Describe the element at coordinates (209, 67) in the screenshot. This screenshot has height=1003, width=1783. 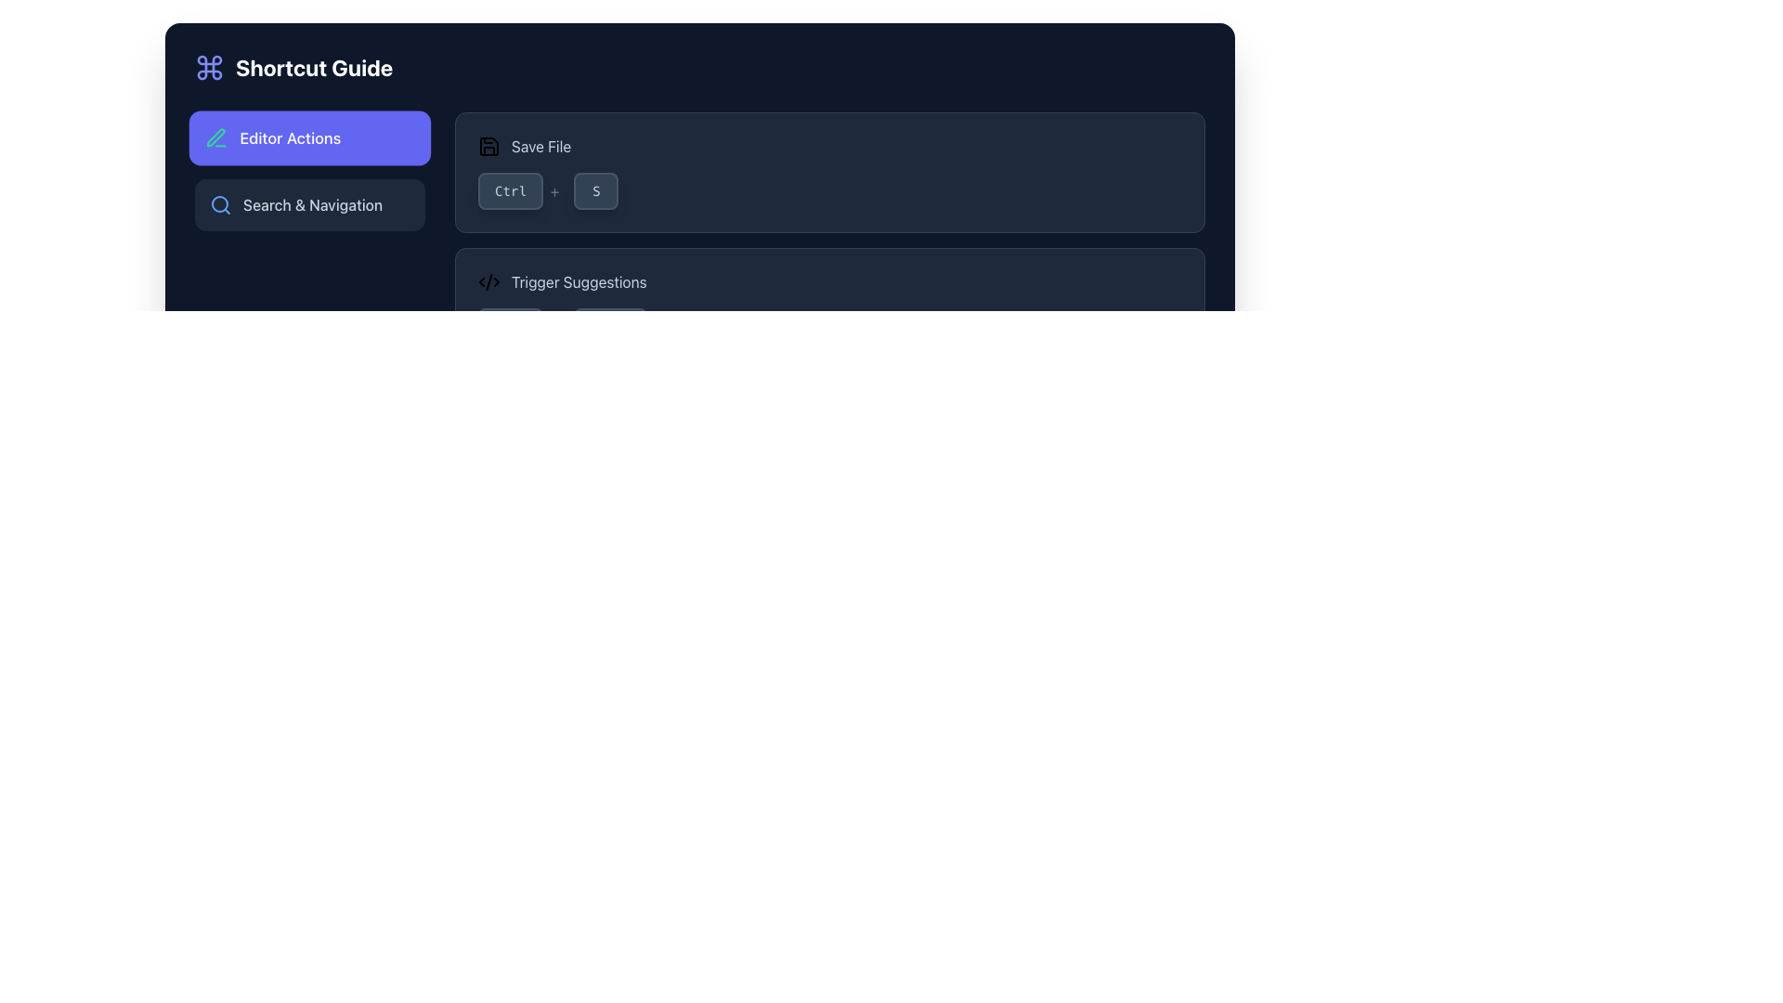
I see `the SVG command symbol icon located to the left of the 'Shortcut Guide' text in the top-left area of the interface` at that location.